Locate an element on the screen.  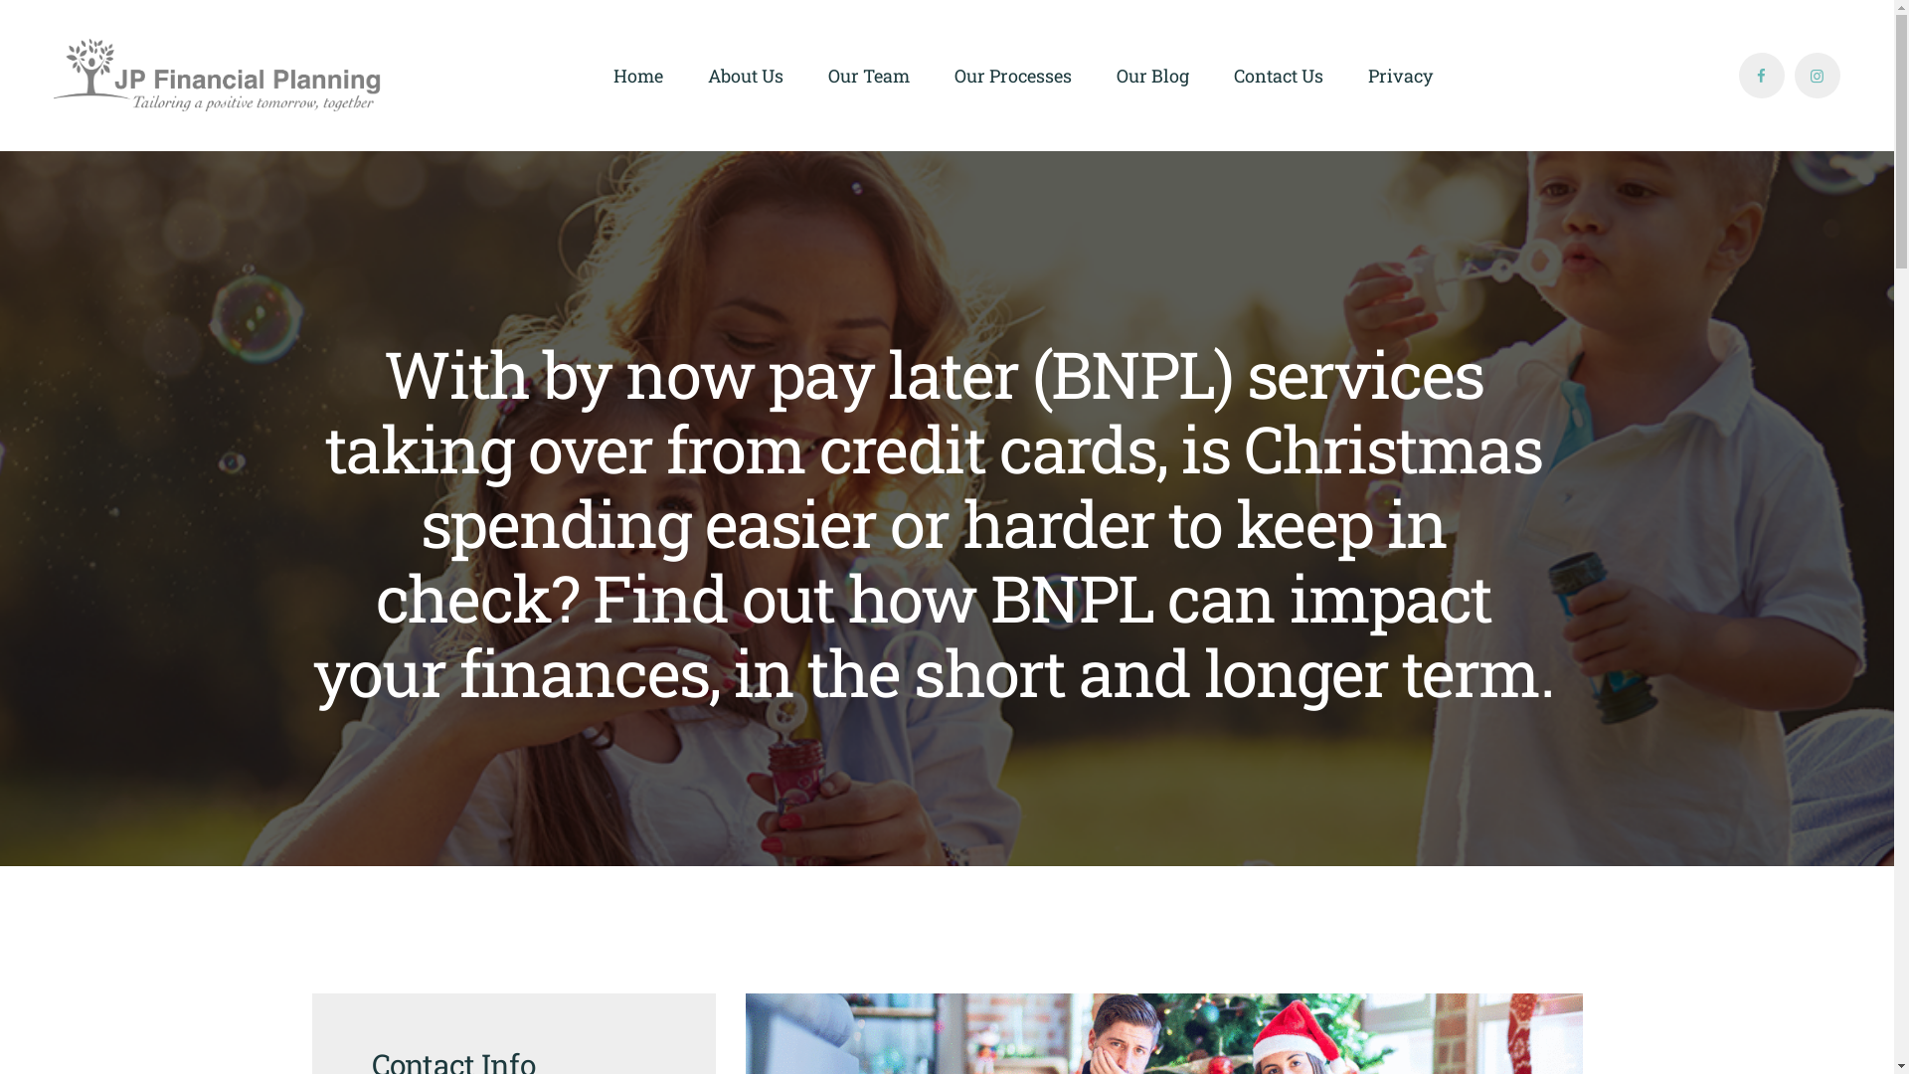
'Our Blog' is located at coordinates (1151, 75).